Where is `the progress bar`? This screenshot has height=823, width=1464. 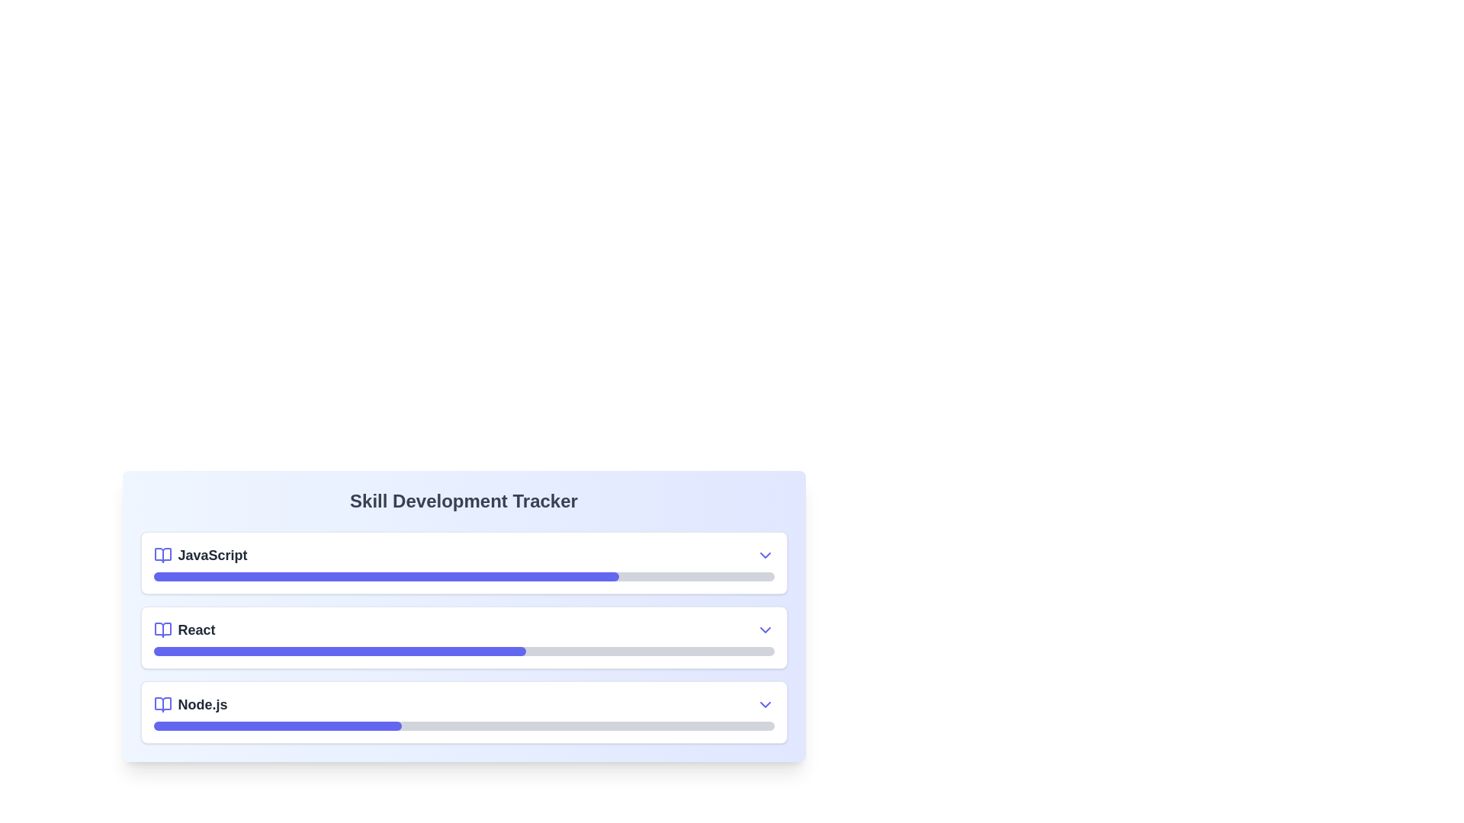
the progress bar is located at coordinates (756, 725).